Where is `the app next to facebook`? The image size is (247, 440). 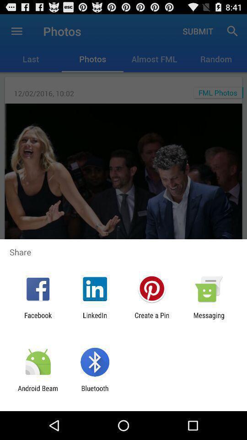
the app next to facebook is located at coordinates (94, 319).